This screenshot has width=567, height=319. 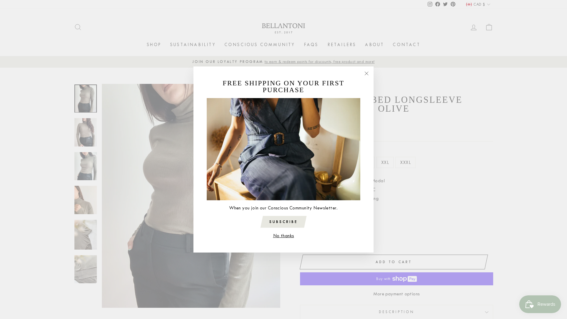 I want to click on 'Twitter', so click(x=445, y=4).